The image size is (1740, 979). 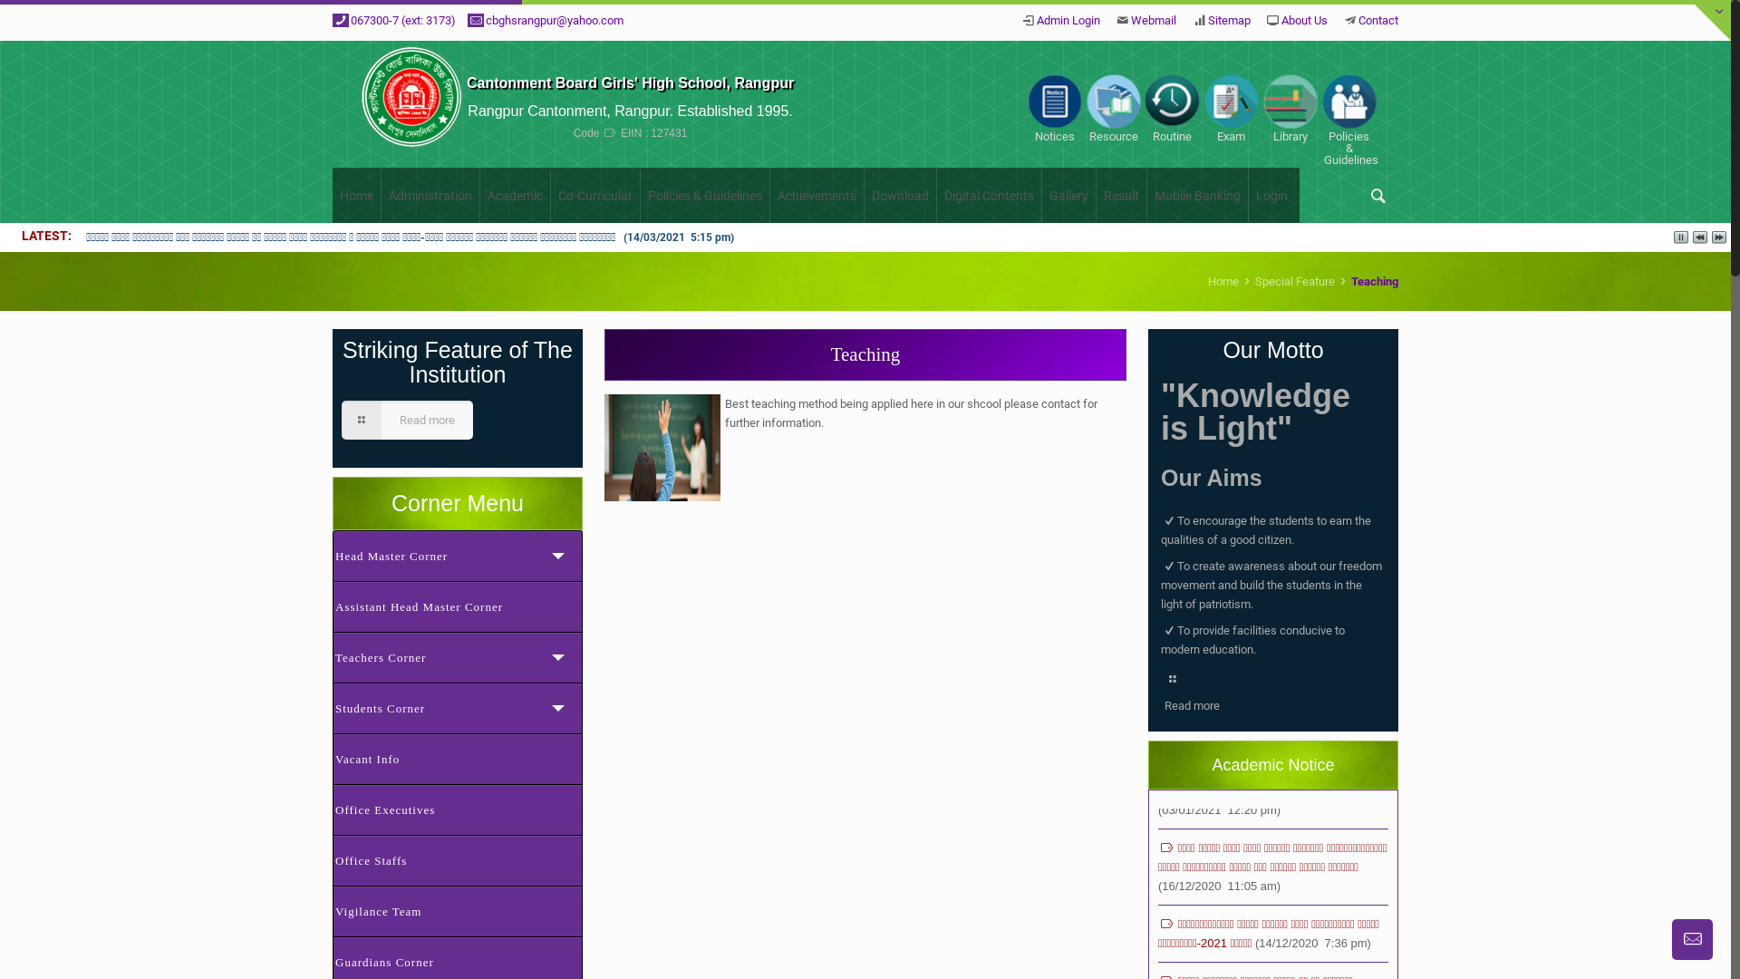 What do you see at coordinates (1271, 196) in the screenshot?
I see `'Login'` at bounding box center [1271, 196].